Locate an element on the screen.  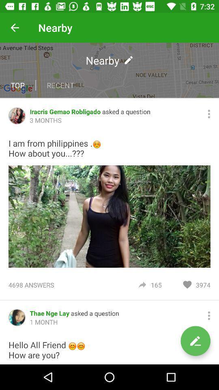
app to the left of the nearby is located at coordinates (15, 28).